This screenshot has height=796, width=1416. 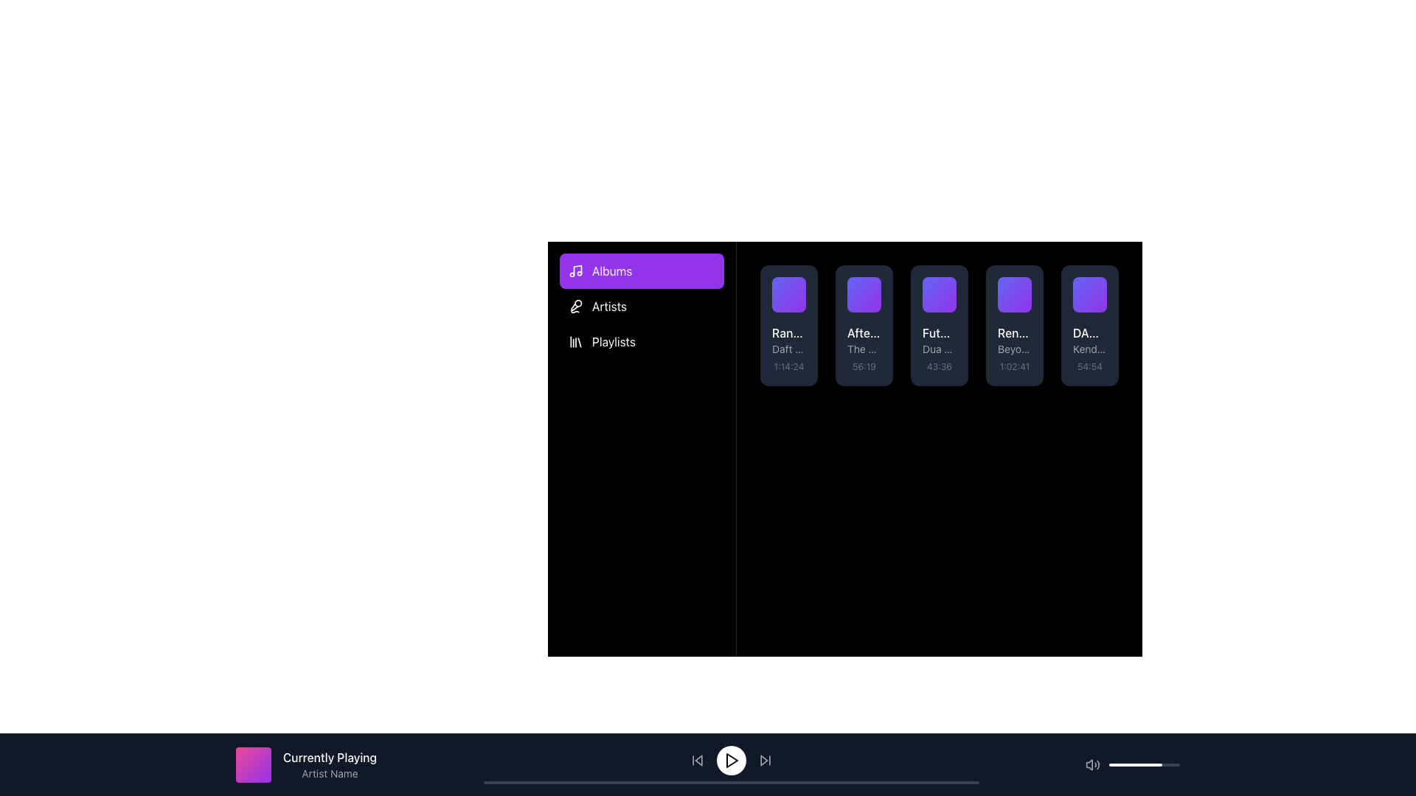 I want to click on the square-shaped gradient button ranging from indigo to purple, which is located at the top of the 'After Hours' card associated with the artist 'The Weeknd', so click(x=864, y=295).